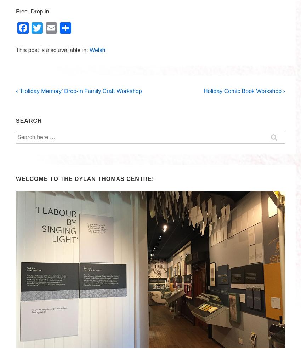  I want to click on 'Email', so click(62, 39).